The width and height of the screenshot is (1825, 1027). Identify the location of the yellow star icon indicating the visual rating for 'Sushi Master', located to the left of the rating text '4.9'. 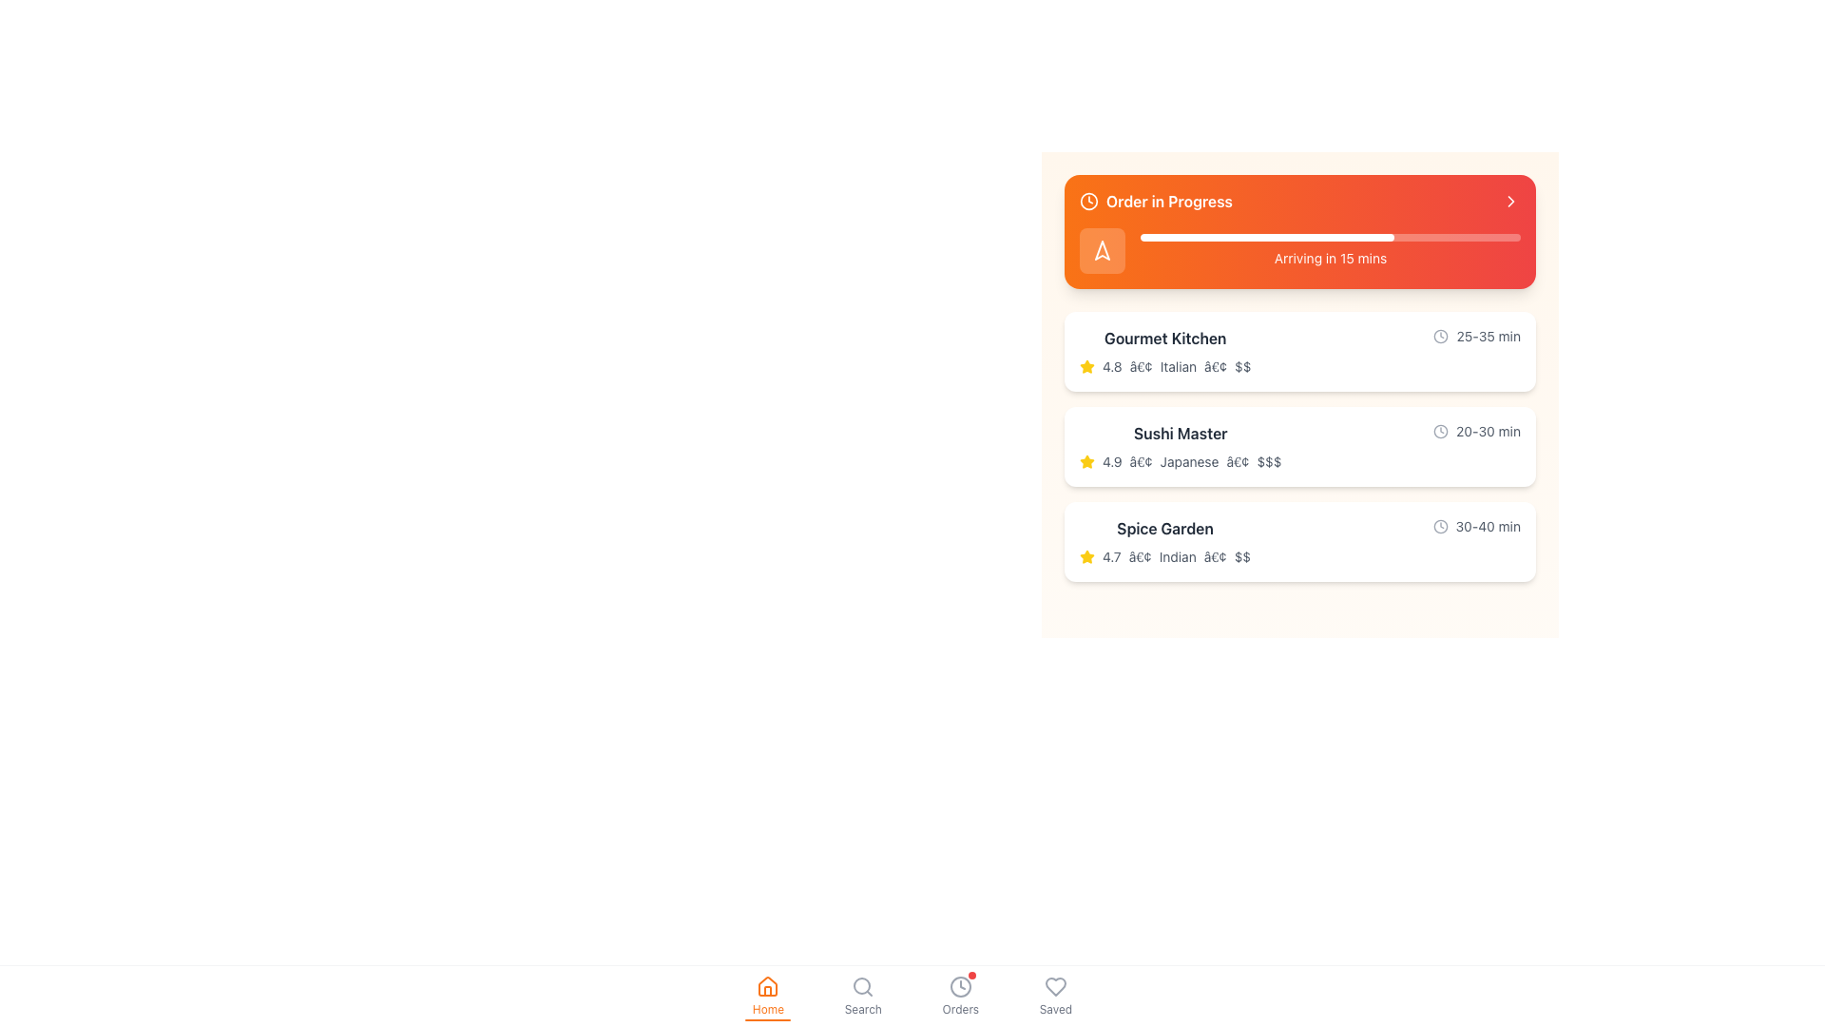
(1086, 462).